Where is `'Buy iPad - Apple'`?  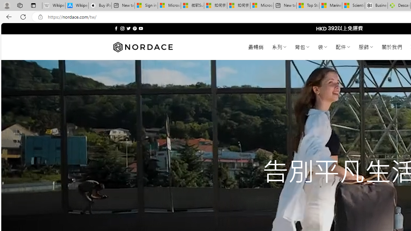
'Buy iPad - Apple' is located at coordinates (100, 5).